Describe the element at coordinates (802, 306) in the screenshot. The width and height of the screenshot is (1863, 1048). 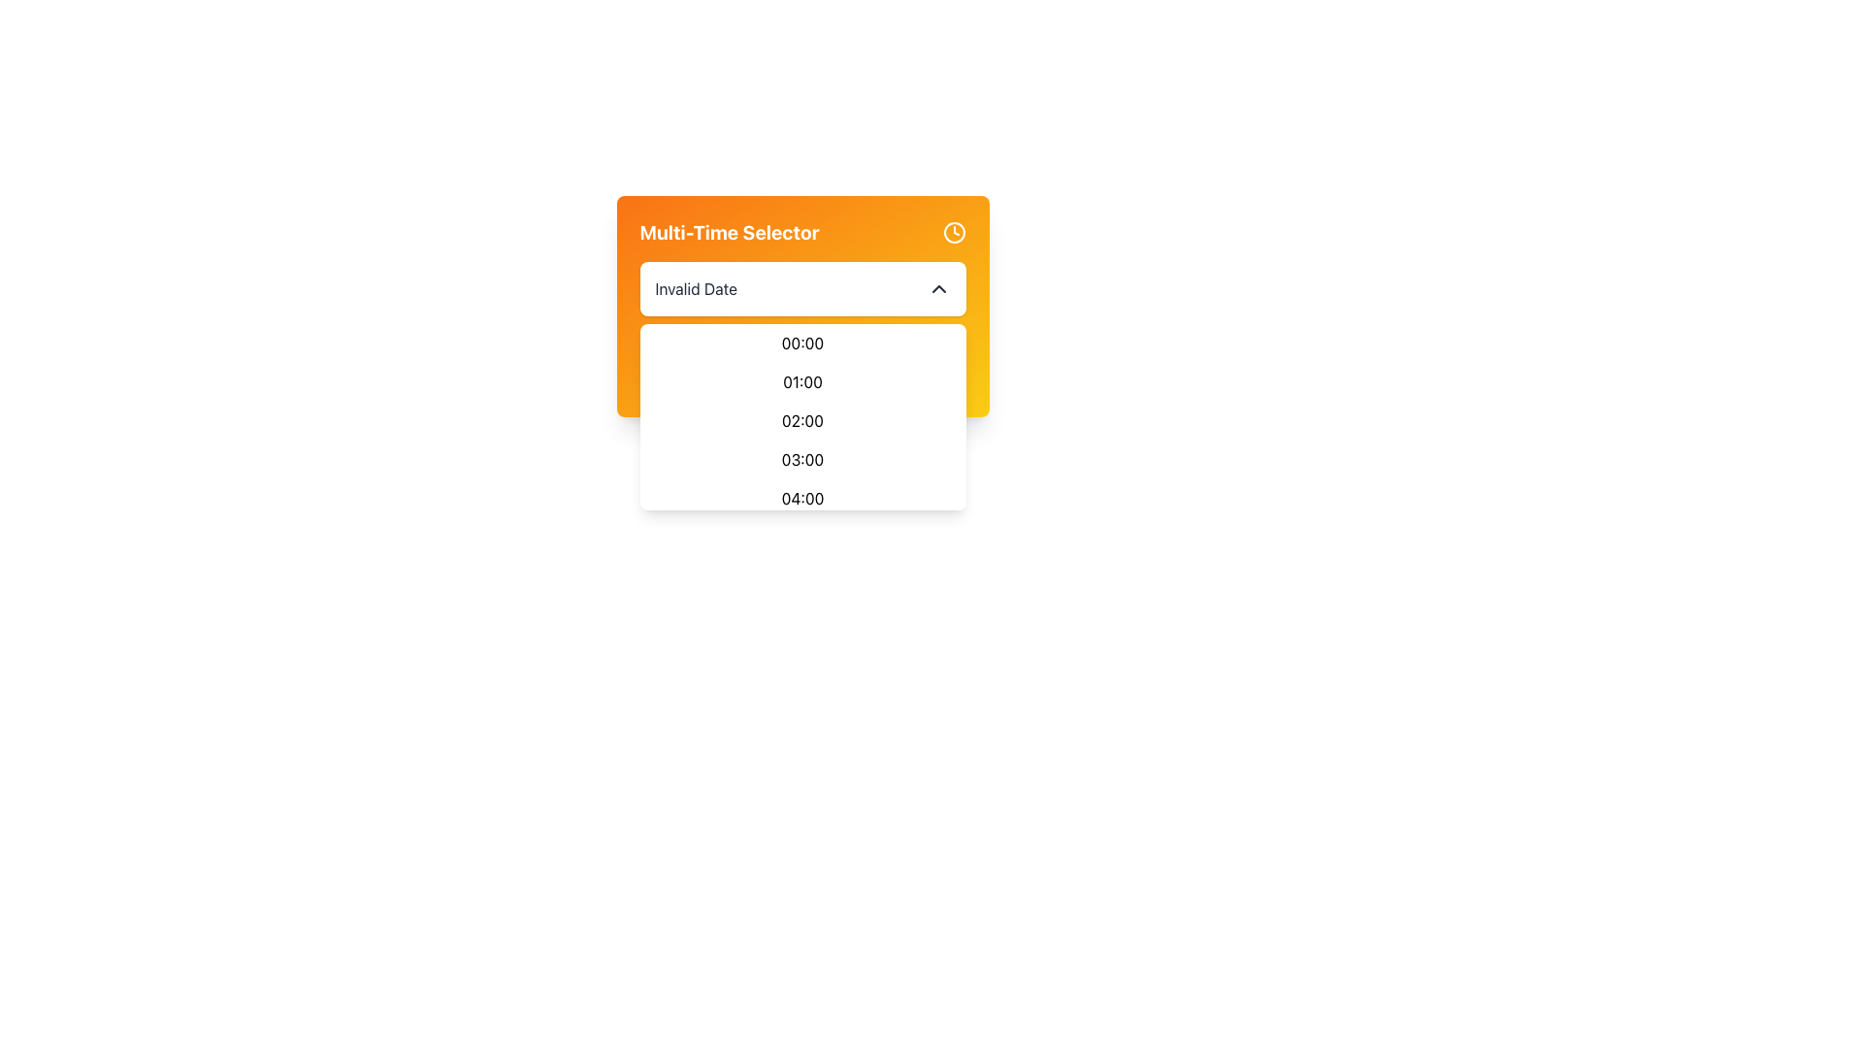
I see `the dropdown menu labeled 'Multi-Time Selector'` at that location.